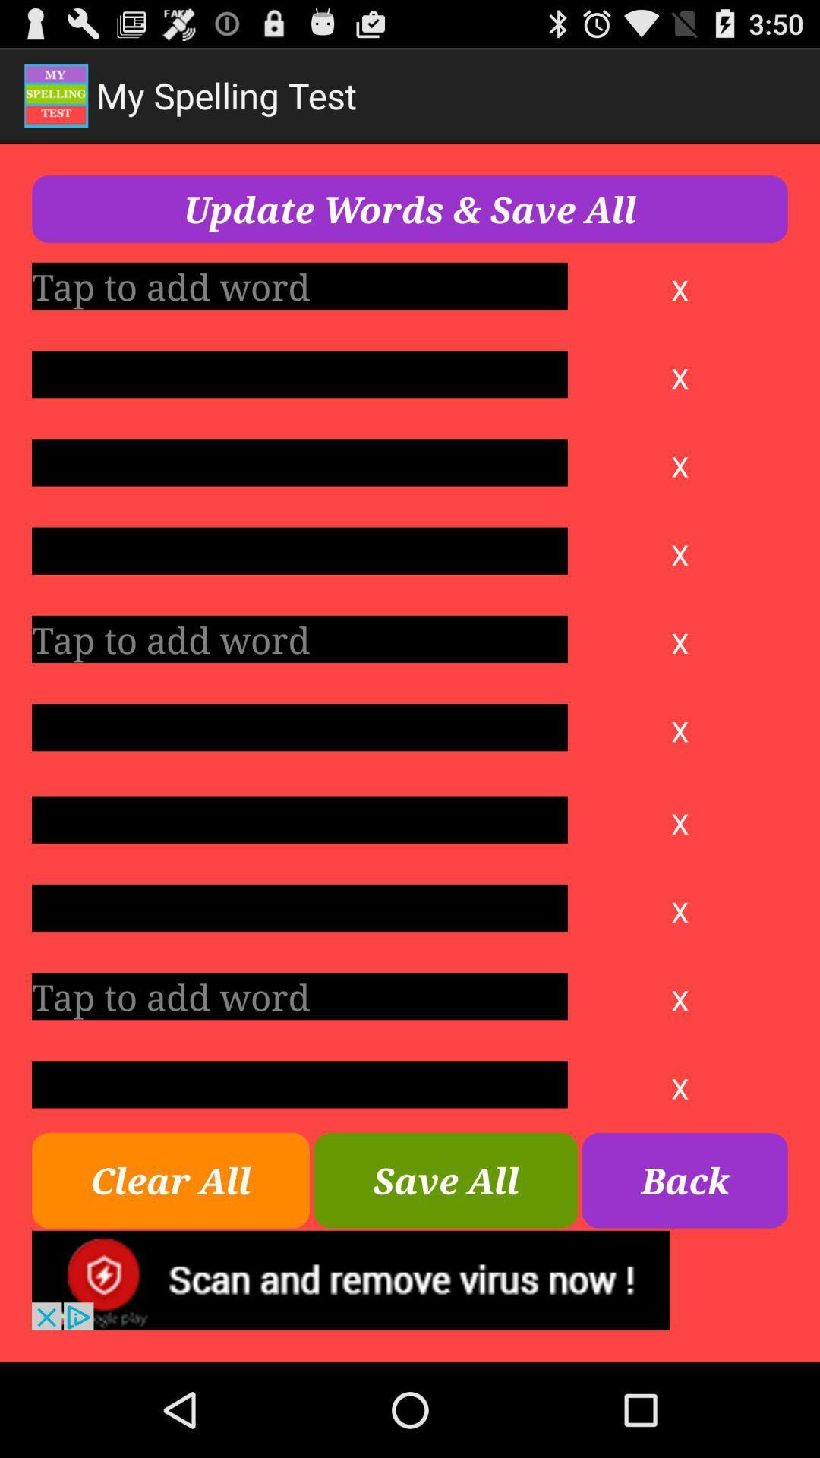 This screenshot has height=1458, width=820. What do you see at coordinates (299, 639) in the screenshot?
I see `tap to add word` at bounding box center [299, 639].